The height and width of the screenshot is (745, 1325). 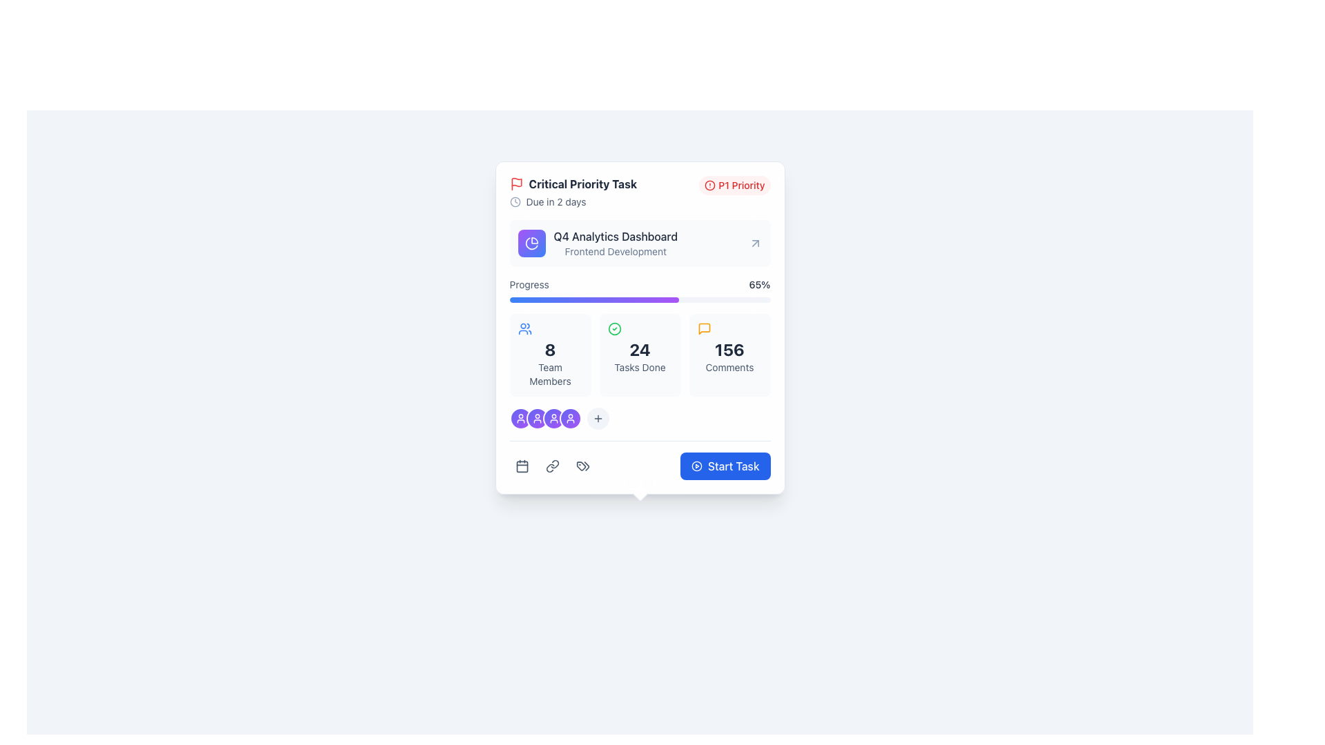 I want to click on the SVG Circle element representing an alert marker, located within the 'circle-alert' SVG element at the top-right of the interface, inside the 'P1 Priority' button, so click(x=710, y=185).